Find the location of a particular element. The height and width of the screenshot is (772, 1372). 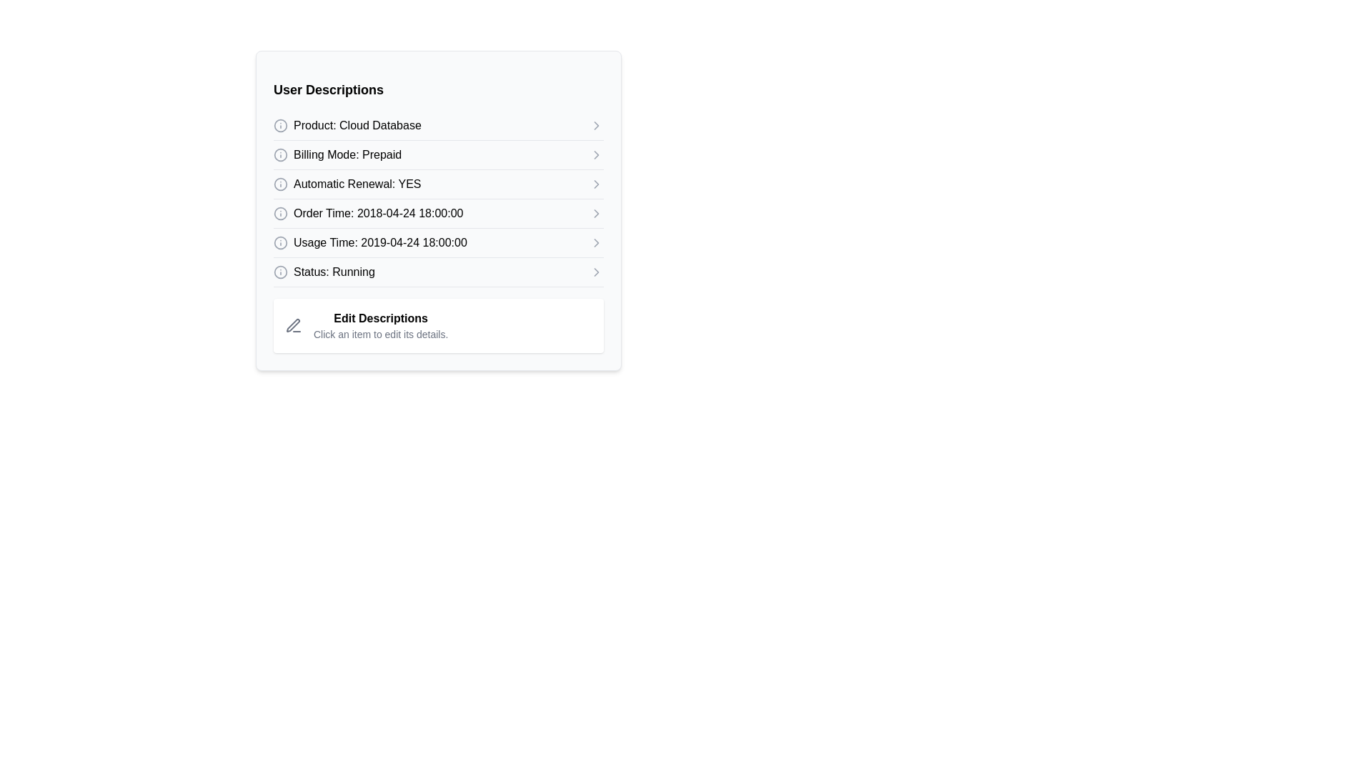

the fifth static text label in the 'User Descriptions' list that displays the usage time is located at coordinates (380, 242).